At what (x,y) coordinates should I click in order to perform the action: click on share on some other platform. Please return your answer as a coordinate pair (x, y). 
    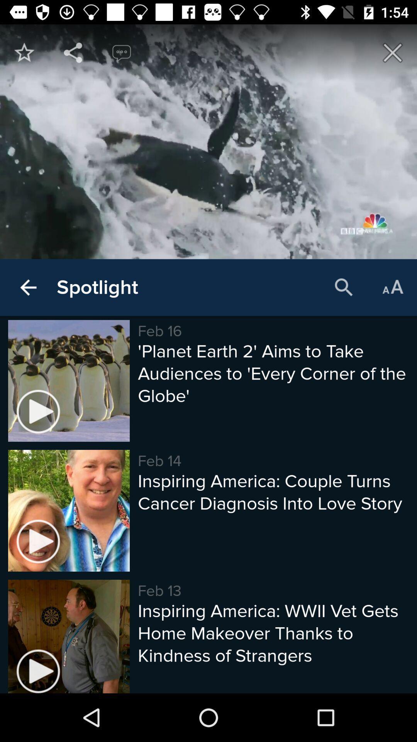
    Looking at the image, I should click on (73, 52).